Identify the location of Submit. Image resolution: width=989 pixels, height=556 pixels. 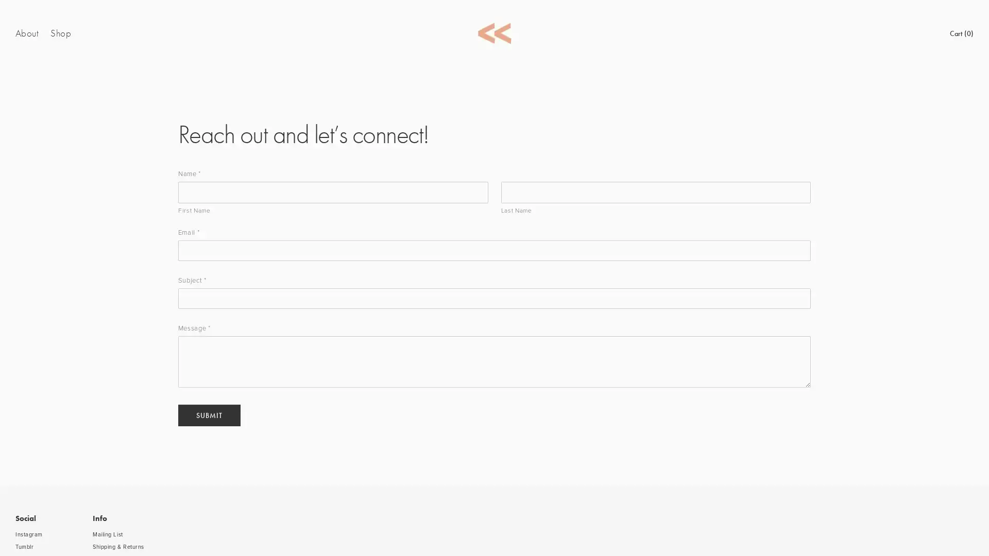
(209, 414).